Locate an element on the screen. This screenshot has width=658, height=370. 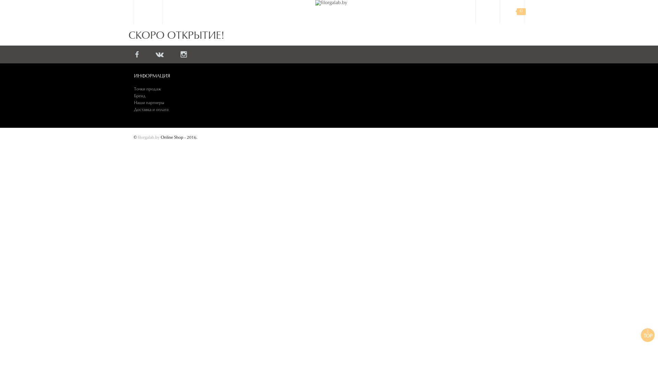
'0' is located at coordinates (500, 12).